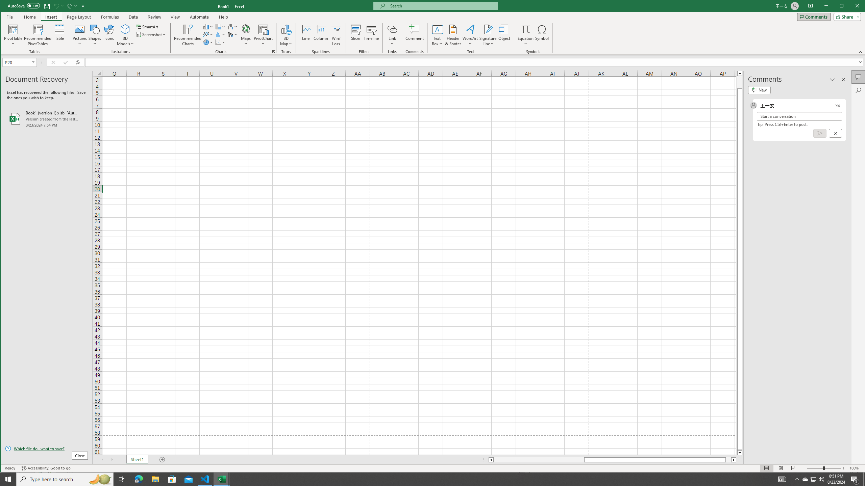 The height and width of the screenshot is (486, 865). Describe the element at coordinates (263, 35) in the screenshot. I see `'PivotChart'` at that location.